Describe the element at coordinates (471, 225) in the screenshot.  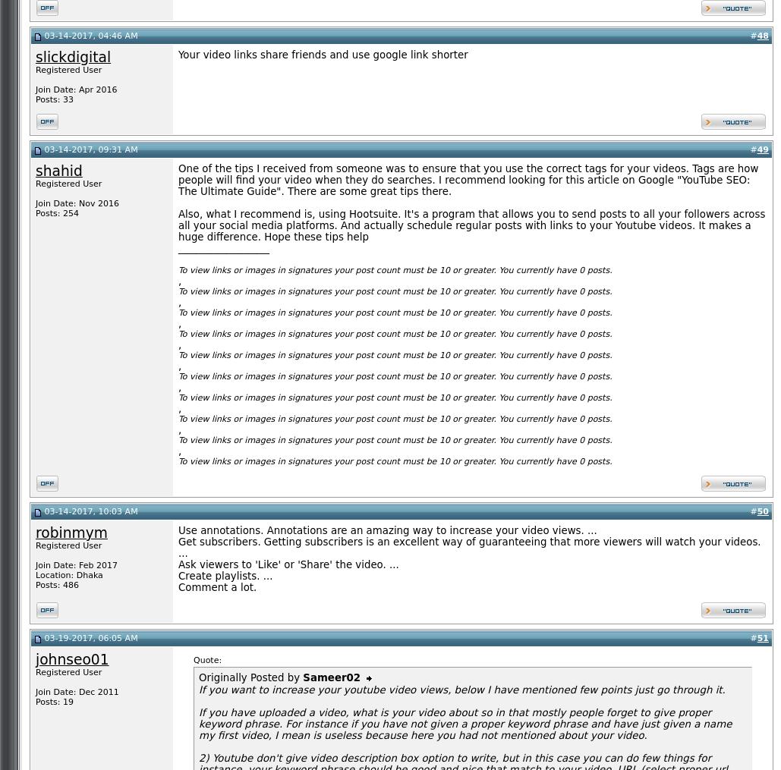
I see `'Also, what I recommend is, using Hootsuite. It's a program that allows you to send posts to all your followers across all your social media platforms. And actually schedule regular posts with links to your Youtube videos. It makes a huge difference. Hope these tips help'` at that location.